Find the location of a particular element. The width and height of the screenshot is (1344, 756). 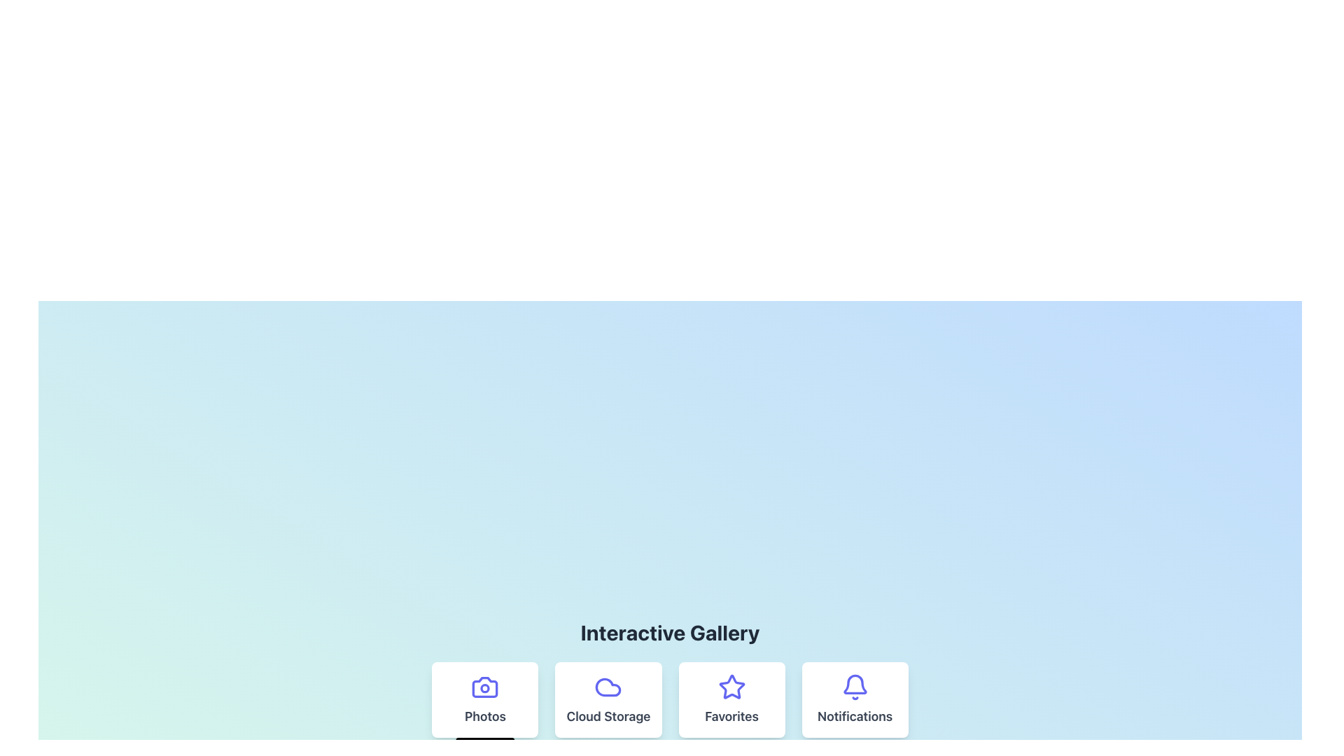

the small circular shape representing the camera lens detail within the camera icon in the bottom navigation bar of the 'Photos' panel is located at coordinates (485, 687).